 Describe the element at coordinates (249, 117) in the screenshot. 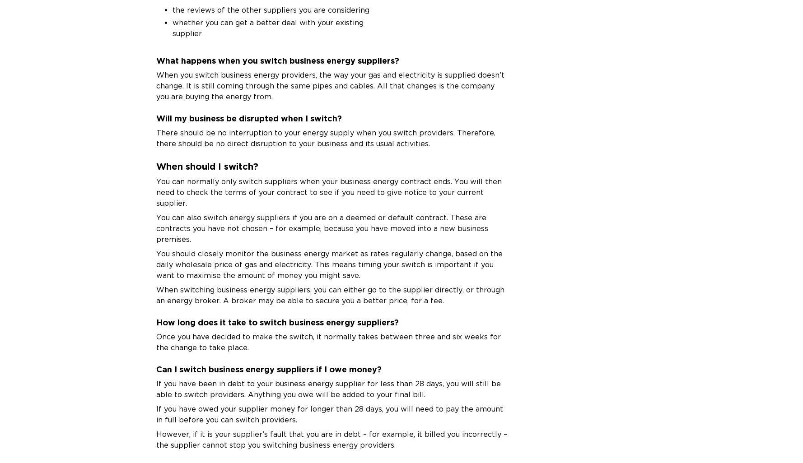

I see `'Will my business be disrupted when I switch?'` at that location.